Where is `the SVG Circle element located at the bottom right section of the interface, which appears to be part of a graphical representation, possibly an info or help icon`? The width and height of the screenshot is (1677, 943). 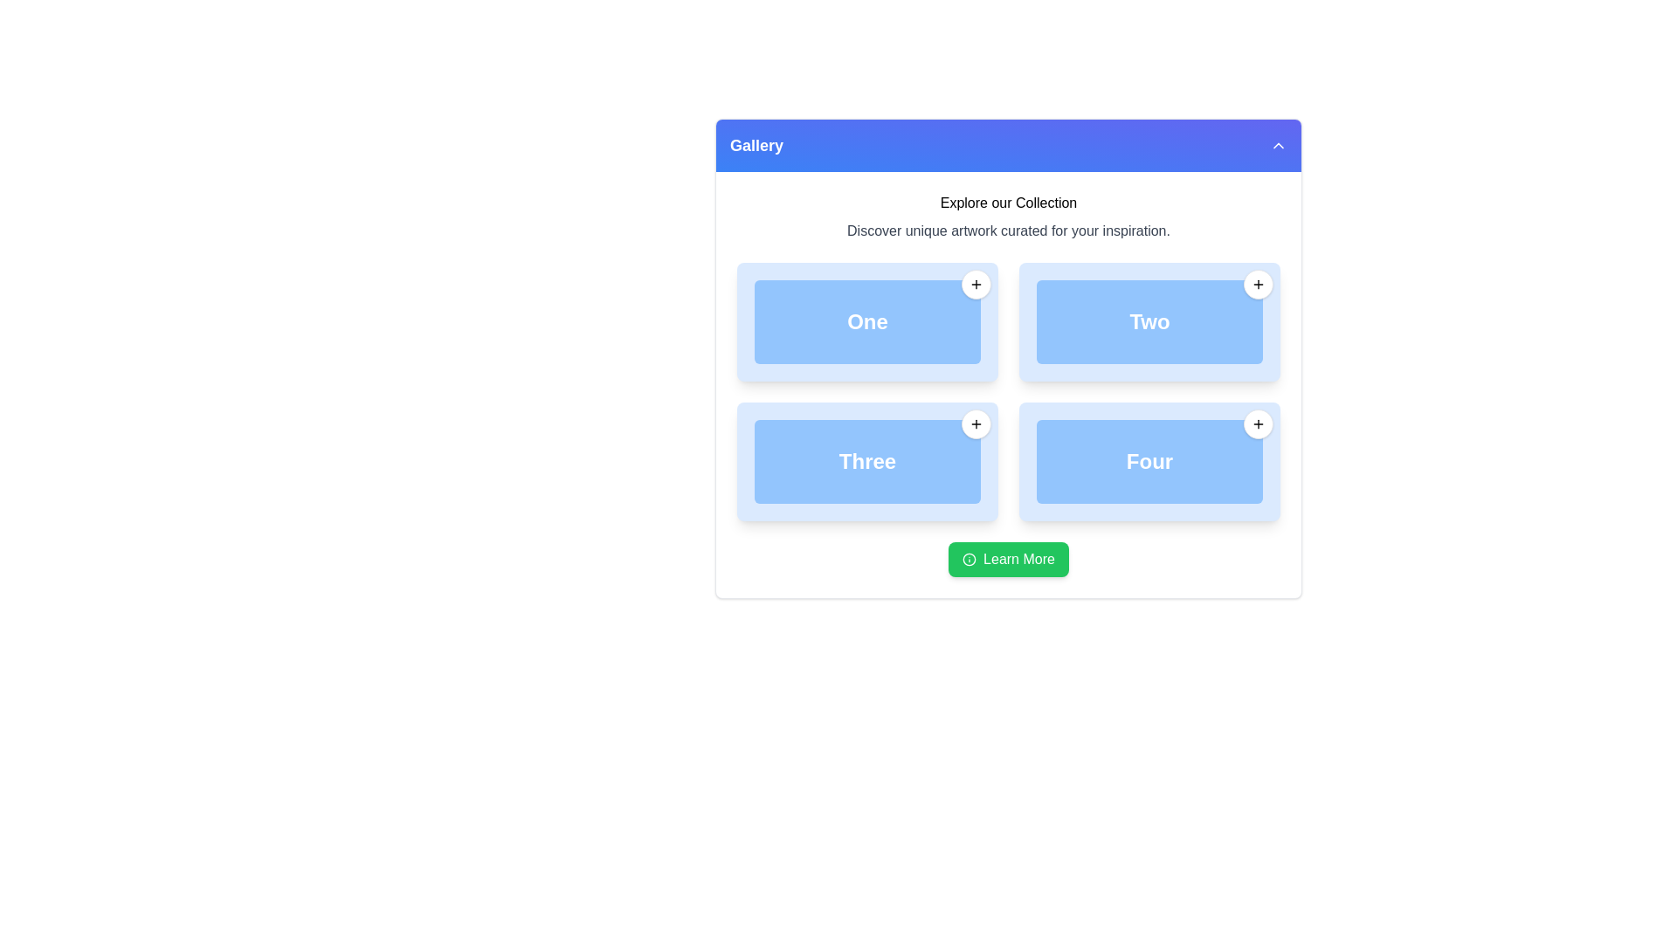
the SVG Circle element located at the bottom right section of the interface, which appears to be part of a graphical representation, possibly an info or help icon is located at coordinates (969, 559).